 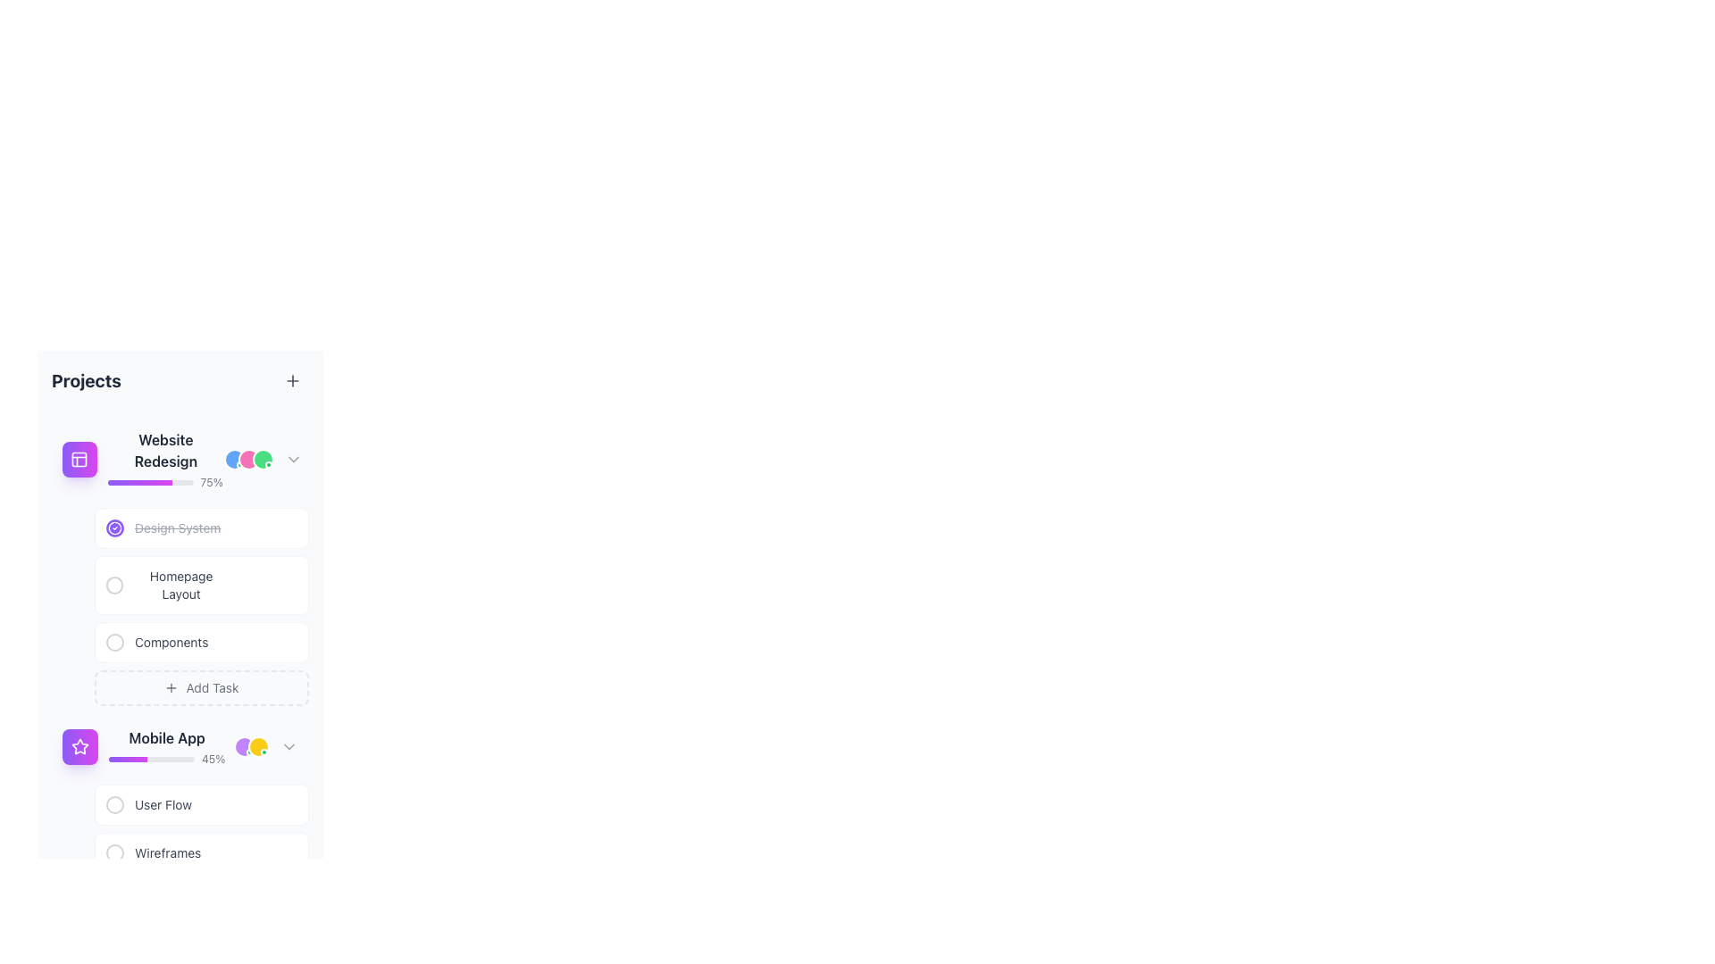 What do you see at coordinates (292, 380) in the screenshot?
I see `the button located at the top-right corner of the sidebar interface` at bounding box center [292, 380].